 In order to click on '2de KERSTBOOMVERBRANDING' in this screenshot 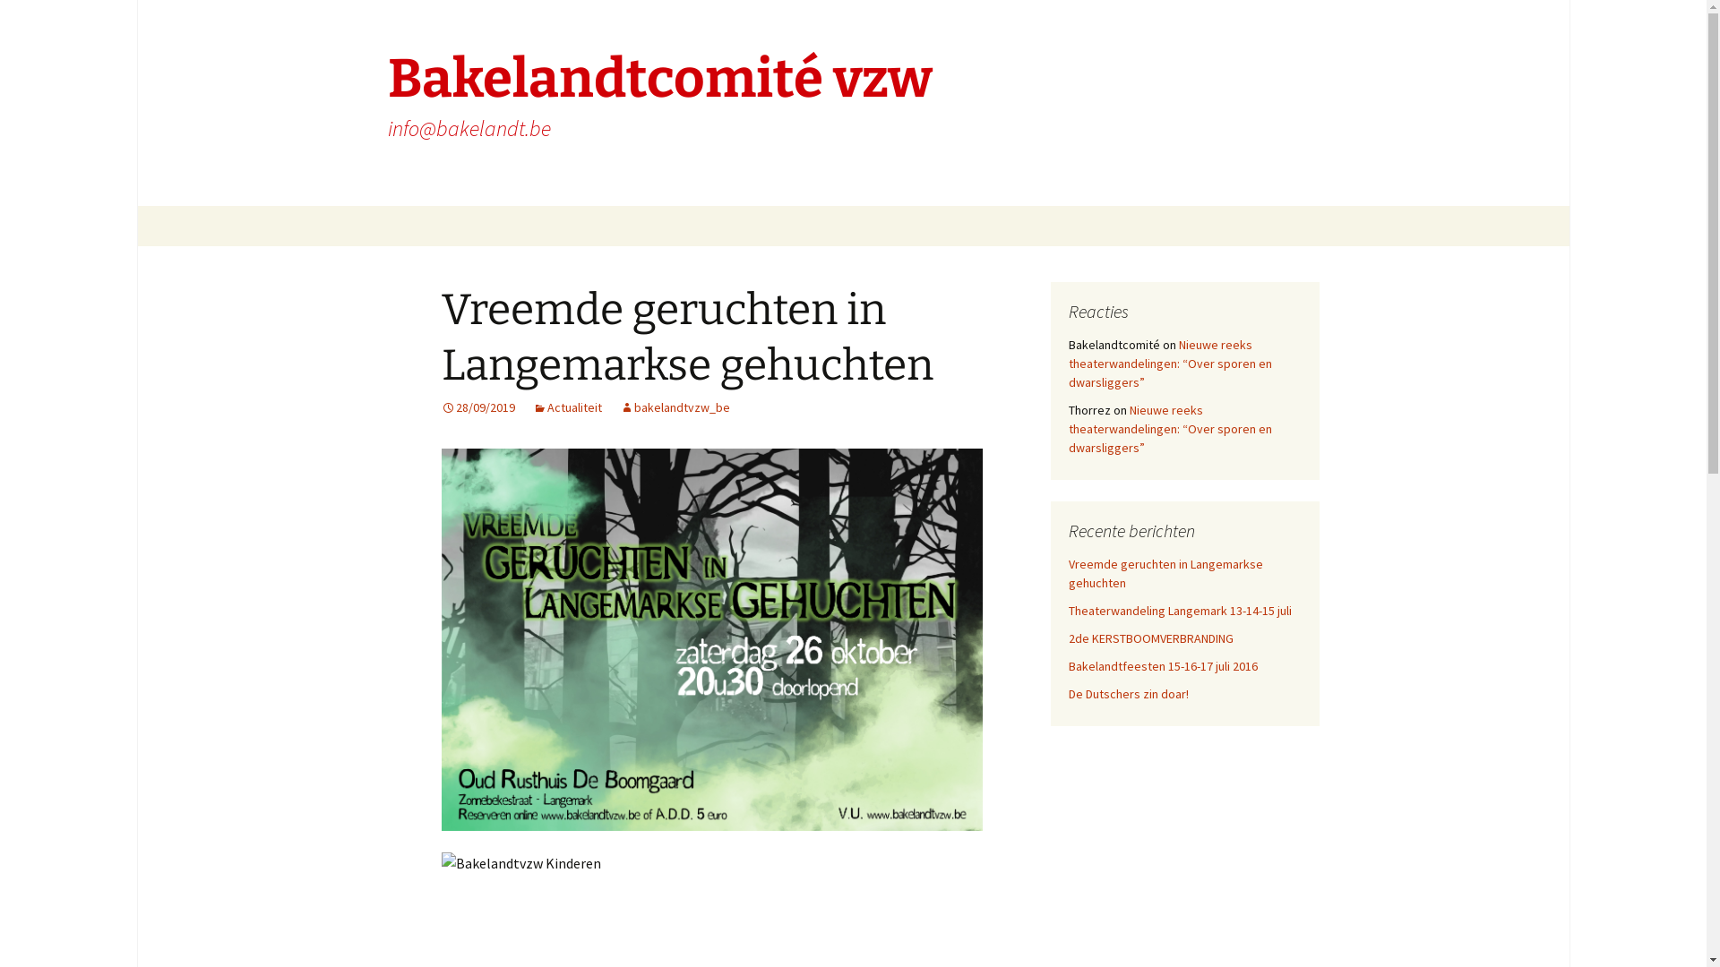, I will do `click(1149, 638)`.